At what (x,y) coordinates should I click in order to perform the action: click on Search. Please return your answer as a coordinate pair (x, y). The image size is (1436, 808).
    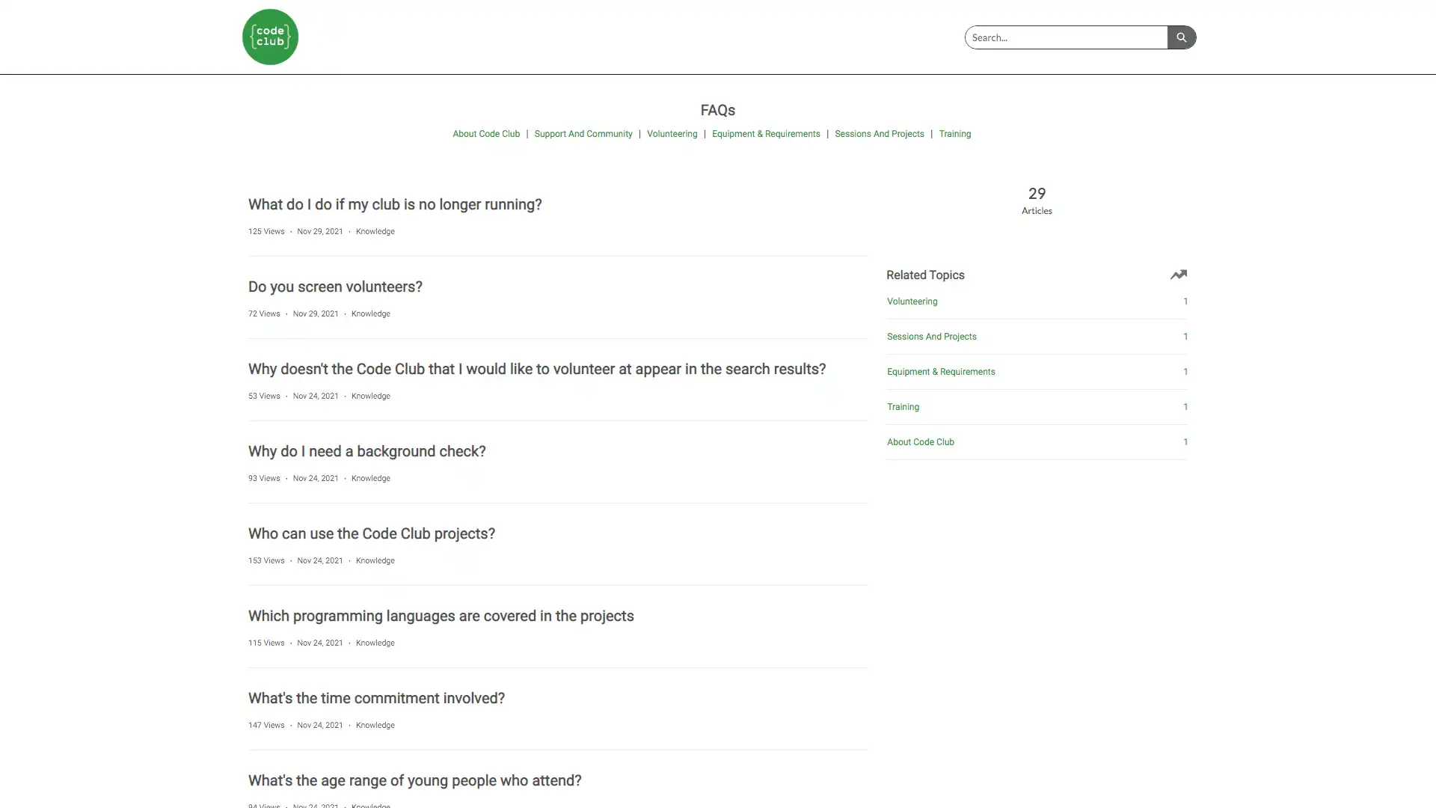
    Looking at the image, I should click on (1180, 36).